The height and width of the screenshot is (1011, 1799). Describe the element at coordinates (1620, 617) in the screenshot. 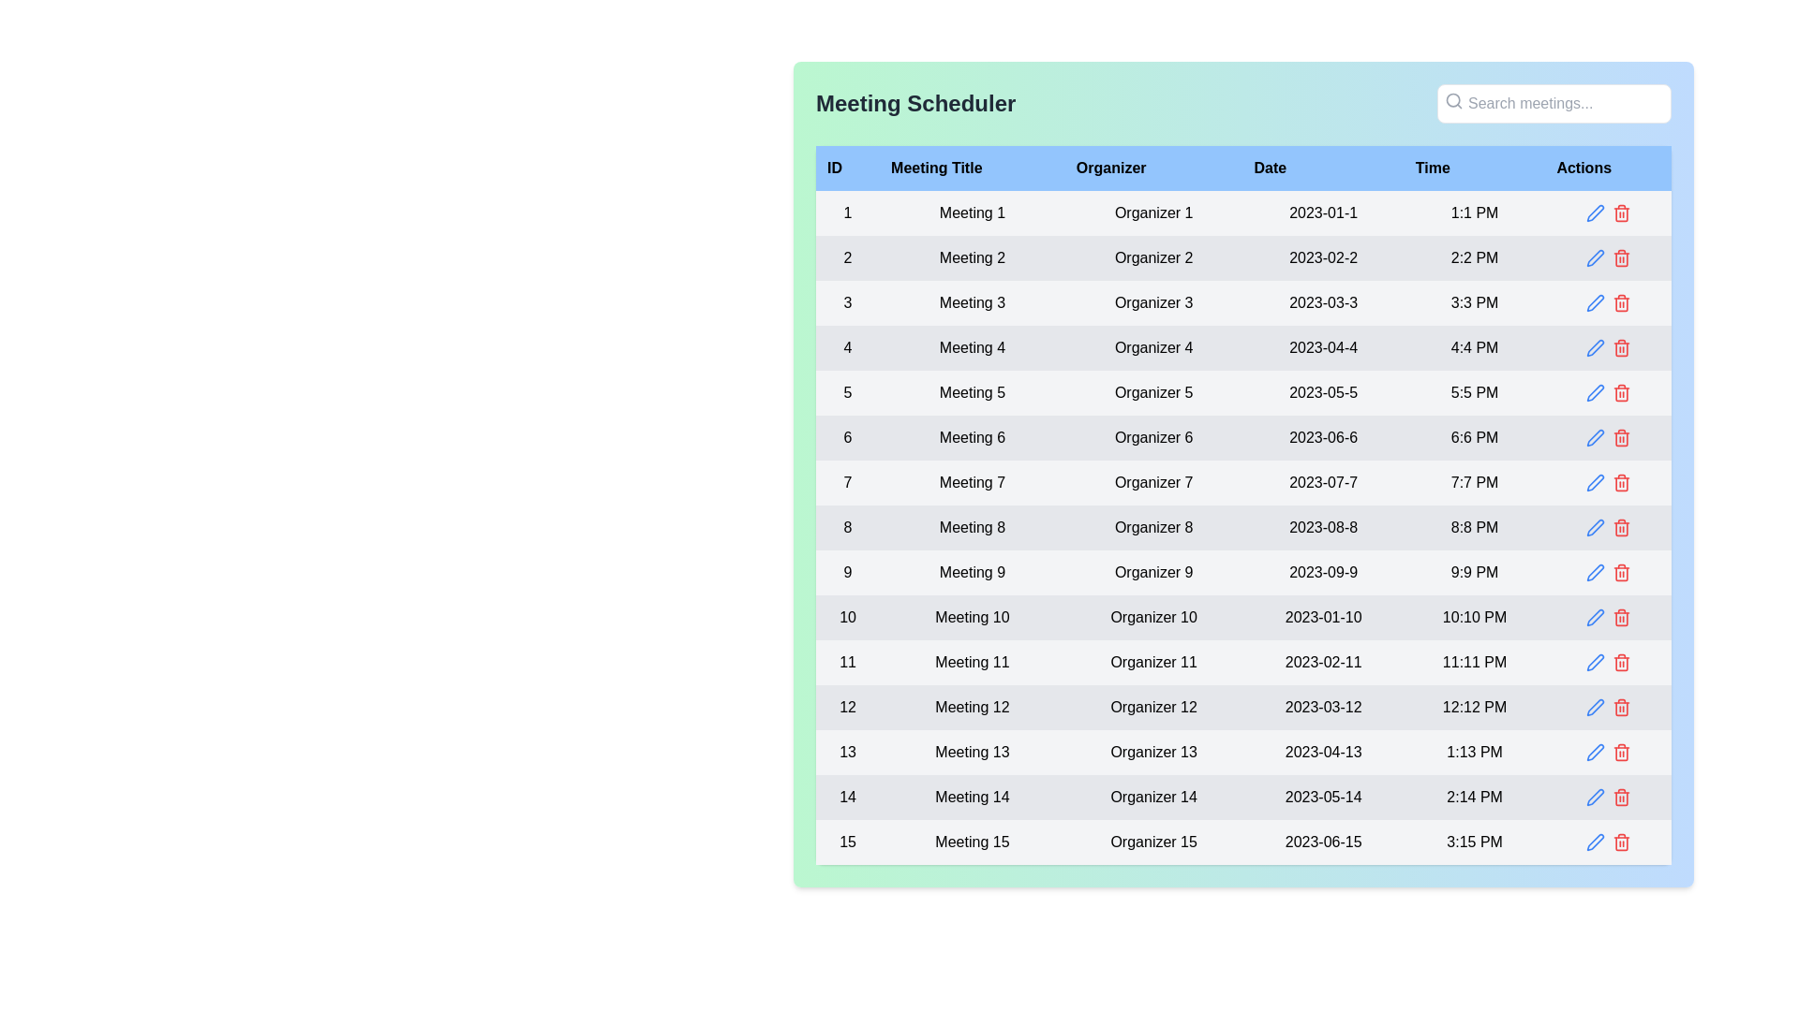

I see `the trash bin icon button, which is styled in red and located in the 'Actions' column of the row for 'Meeting 10'` at that location.